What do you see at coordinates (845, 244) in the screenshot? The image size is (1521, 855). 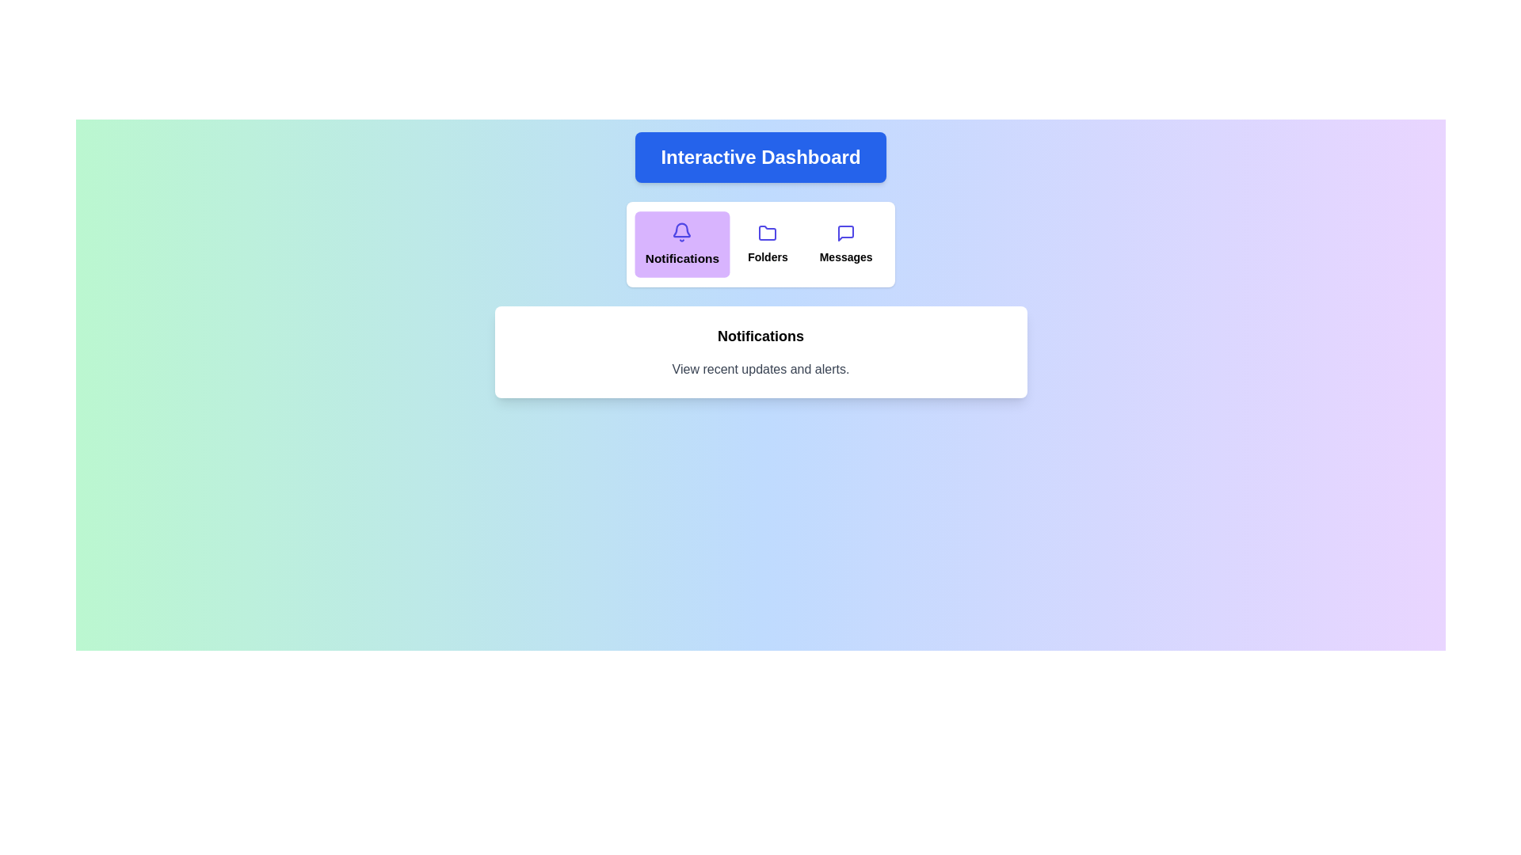 I see `the section labeled 'Messages' by clicking the corresponding button` at bounding box center [845, 244].